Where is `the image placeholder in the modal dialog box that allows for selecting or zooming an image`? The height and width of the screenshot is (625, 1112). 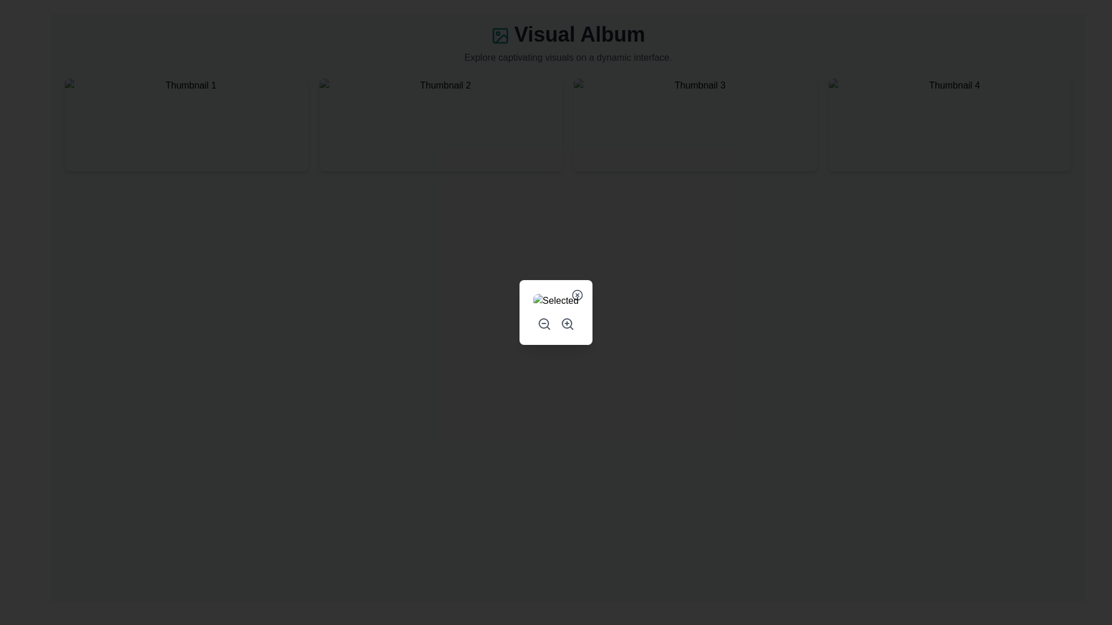
the image placeholder in the modal dialog box that allows for selecting or zooming an image is located at coordinates (556, 312).